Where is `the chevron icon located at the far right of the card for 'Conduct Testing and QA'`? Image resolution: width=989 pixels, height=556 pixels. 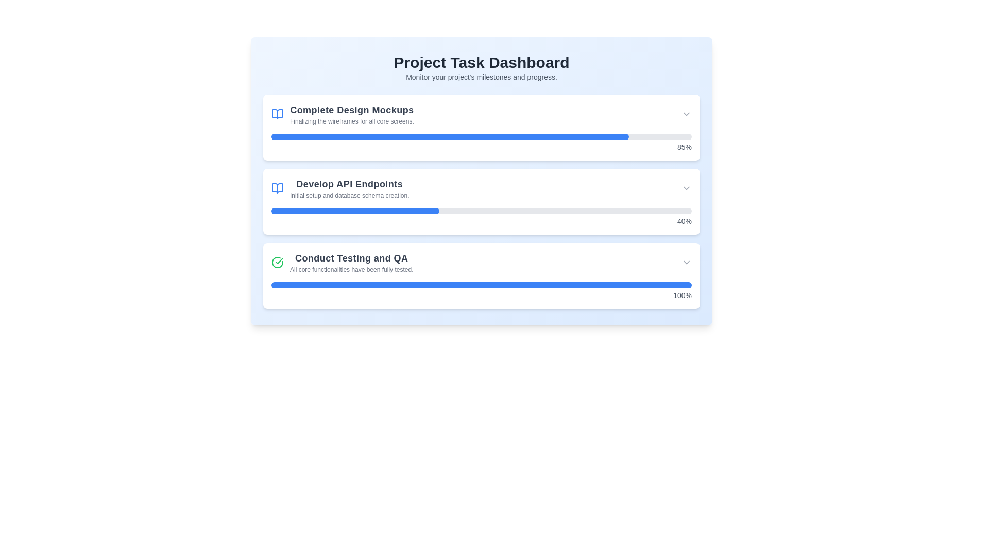
the chevron icon located at the far right of the card for 'Conduct Testing and QA' is located at coordinates (687, 262).